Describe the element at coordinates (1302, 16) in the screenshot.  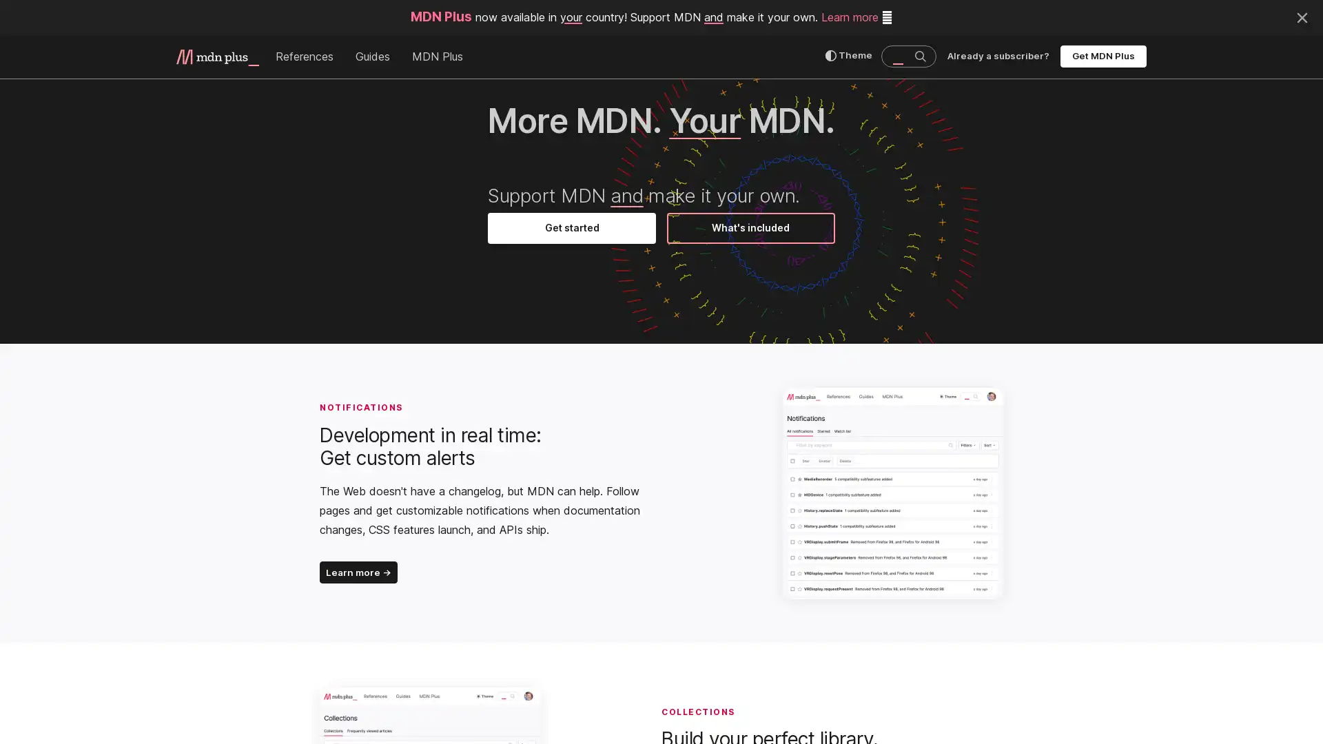
I see `Close banner` at that location.